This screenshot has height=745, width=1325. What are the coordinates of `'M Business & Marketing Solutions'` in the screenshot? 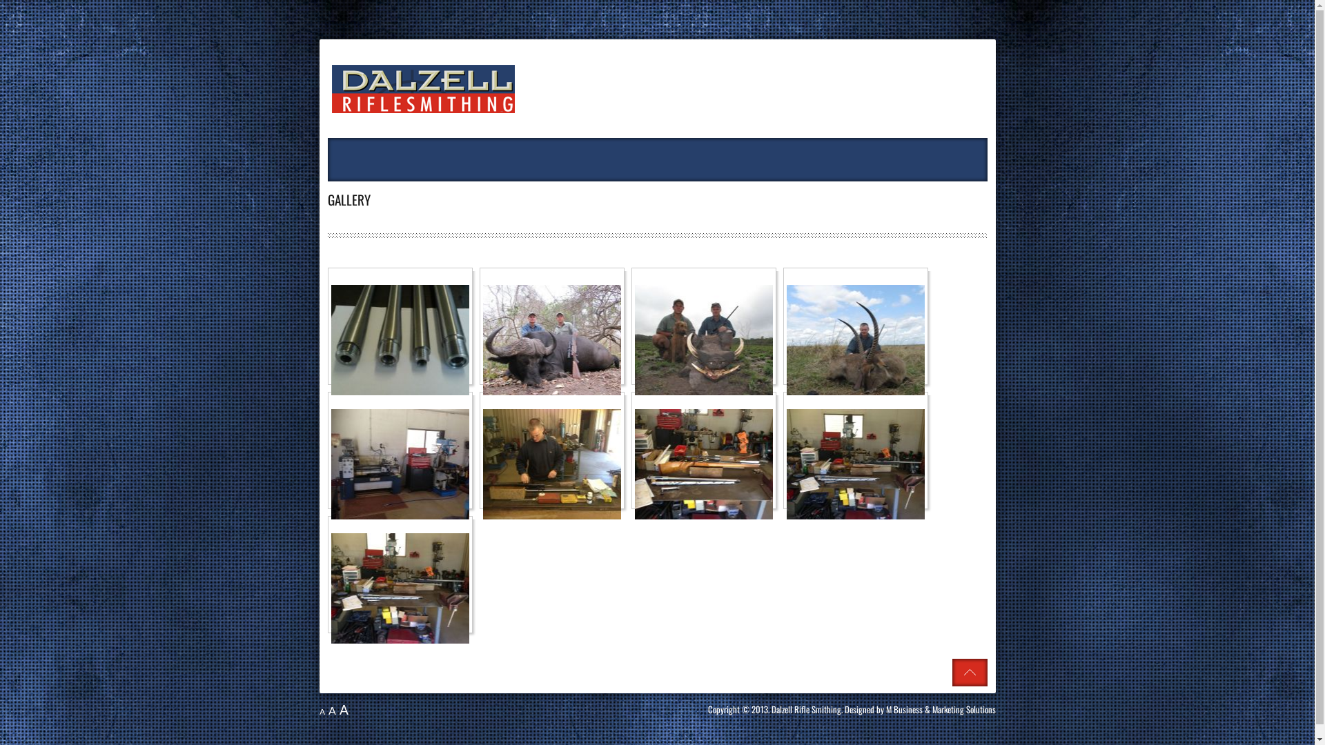 It's located at (940, 709).